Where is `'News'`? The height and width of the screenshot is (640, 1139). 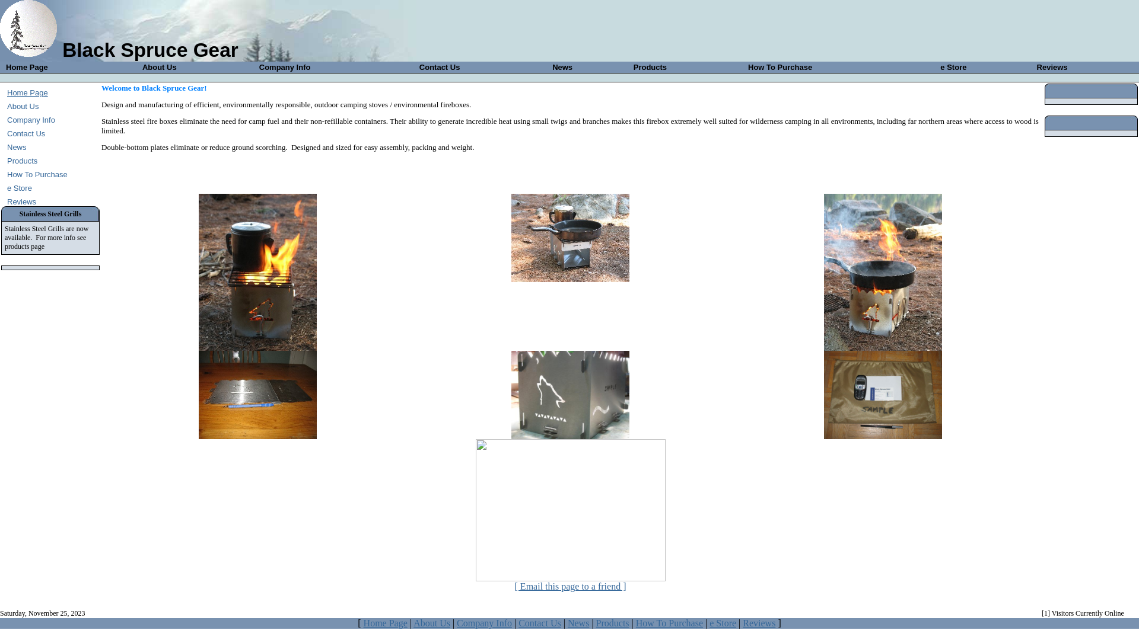
'News' is located at coordinates (578, 622).